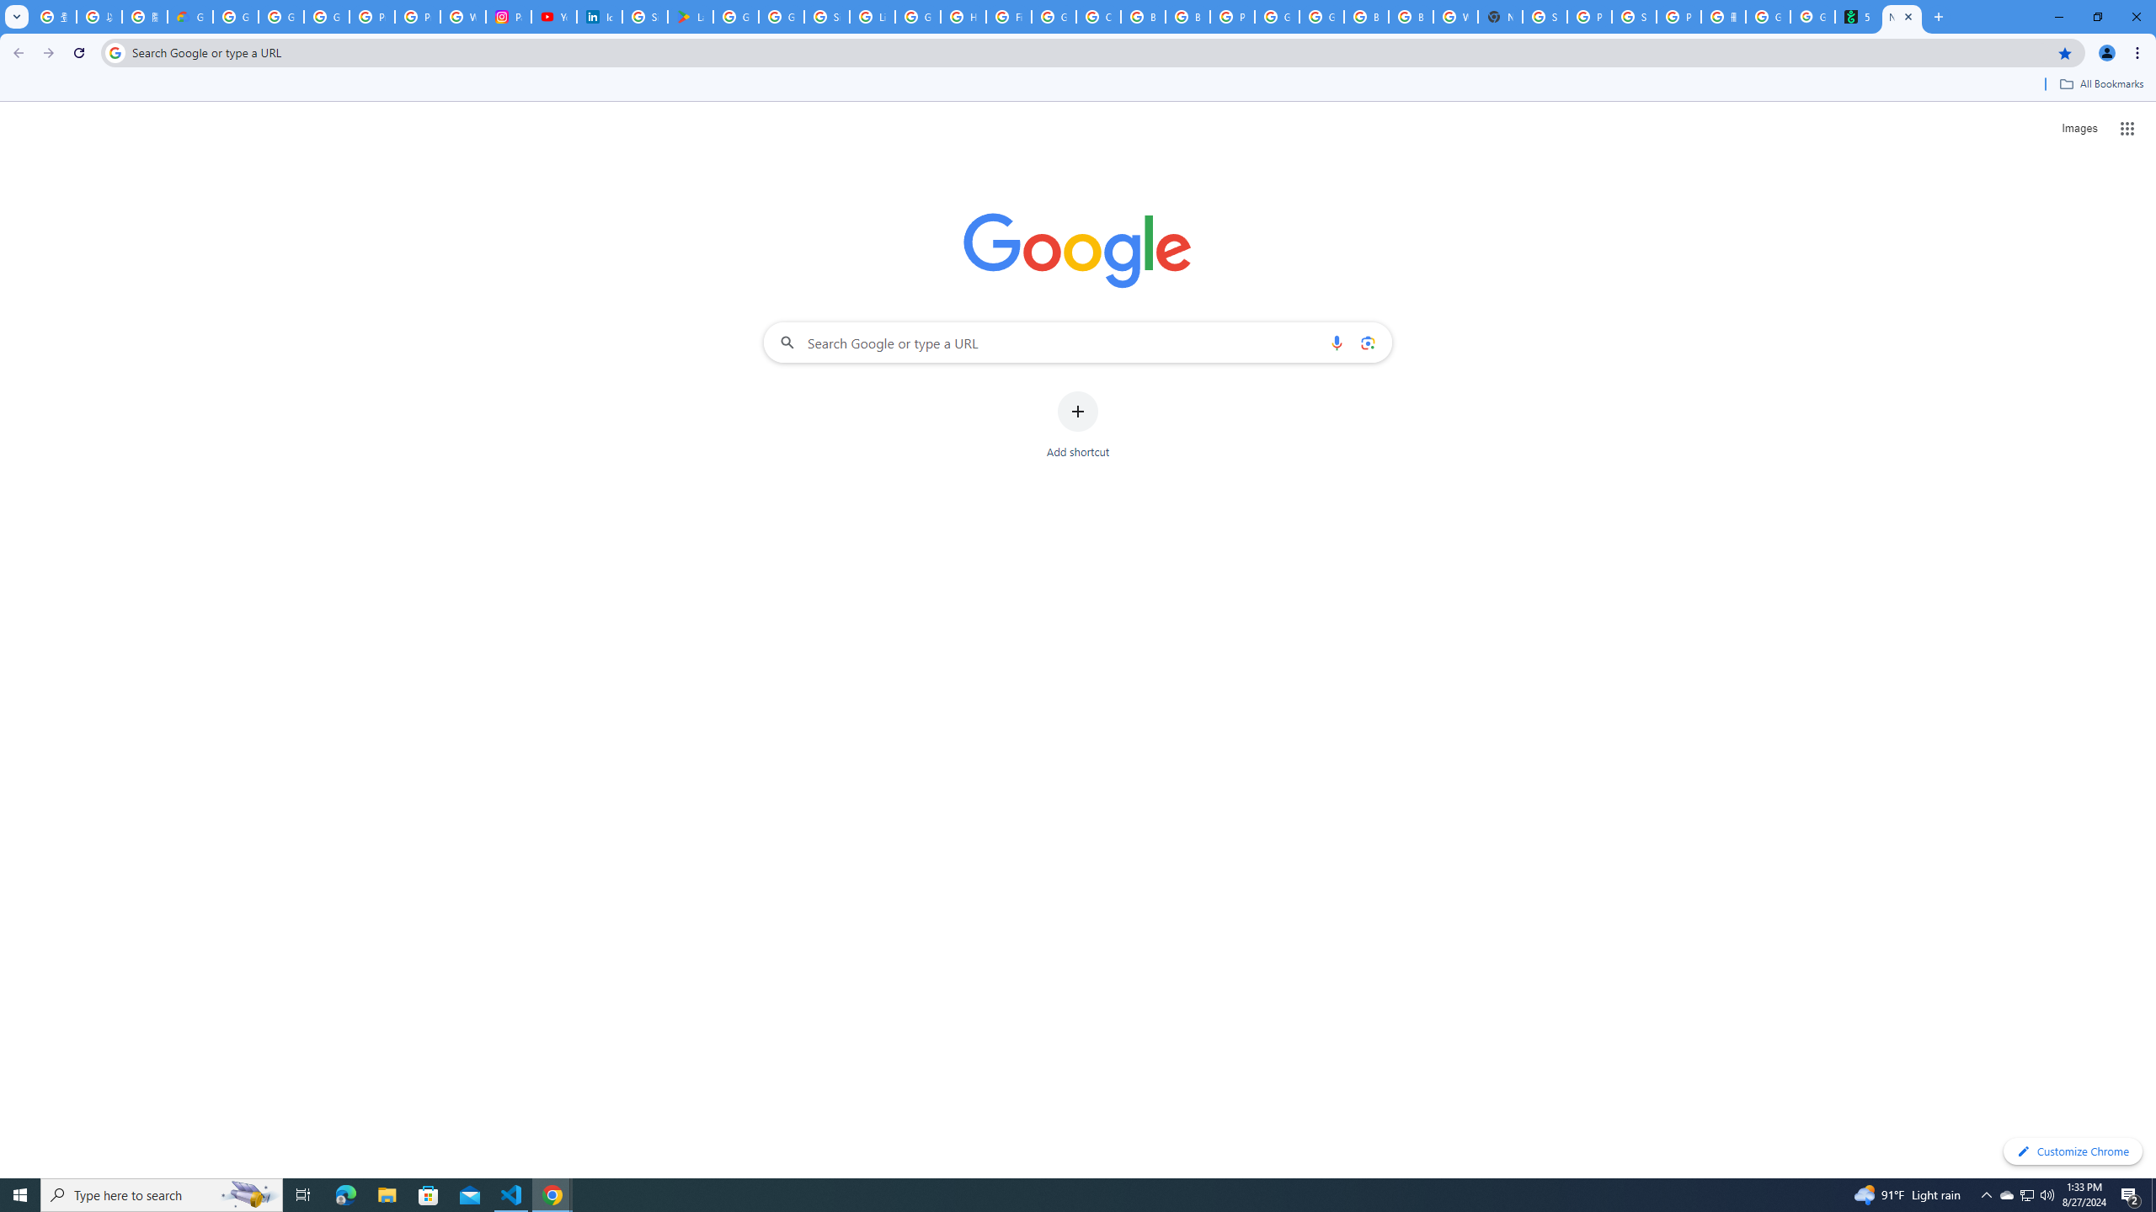 The height and width of the screenshot is (1212, 2156). Describe the element at coordinates (782, 16) in the screenshot. I see `'Google Workspace - Specific Terms'` at that location.